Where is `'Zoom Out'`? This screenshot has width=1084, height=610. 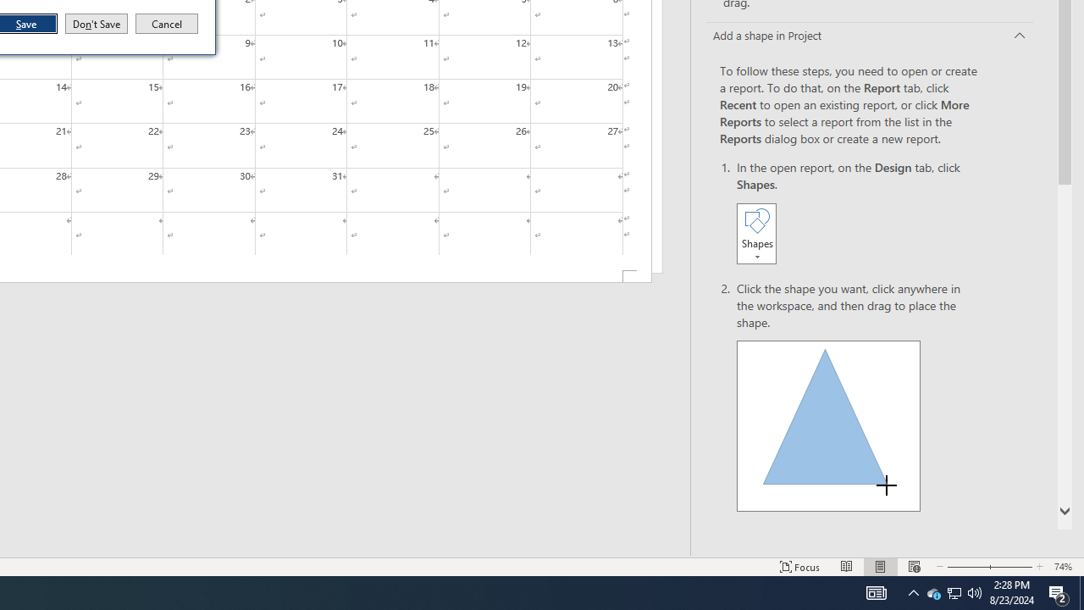 'Zoom Out' is located at coordinates (962, 567).